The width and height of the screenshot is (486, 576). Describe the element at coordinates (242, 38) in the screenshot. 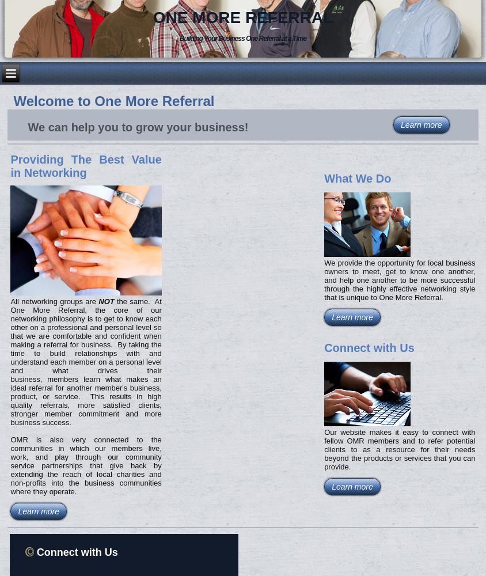

I see `'Building Your Business One Referral at a Time'` at that location.